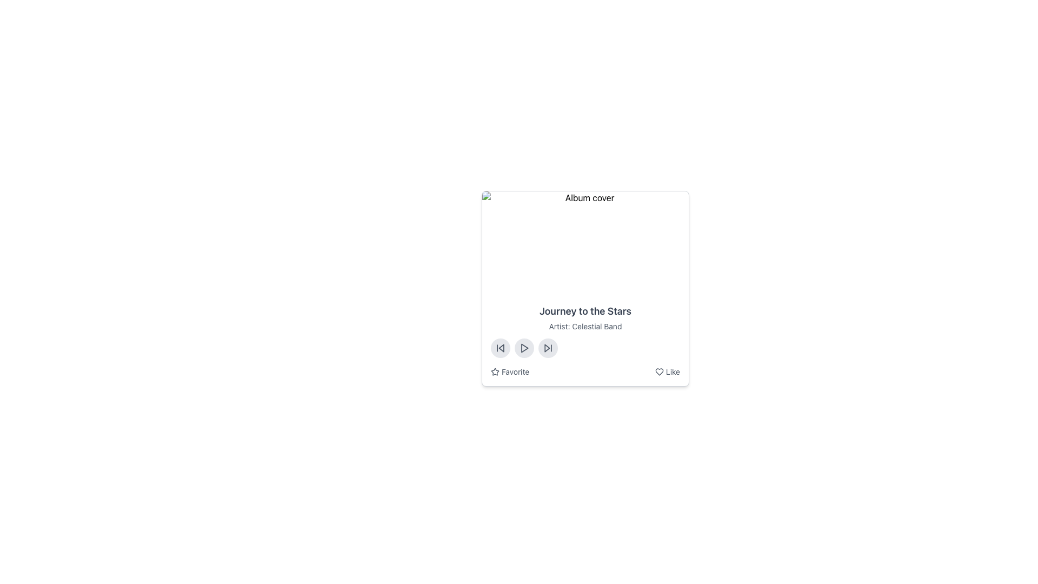 This screenshot has height=584, width=1038. Describe the element at coordinates (515, 371) in the screenshot. I see `the Text label that indicates the ability to mark something as a favorite, located at the bottom left of the music track card, next to the star icon` at that location.